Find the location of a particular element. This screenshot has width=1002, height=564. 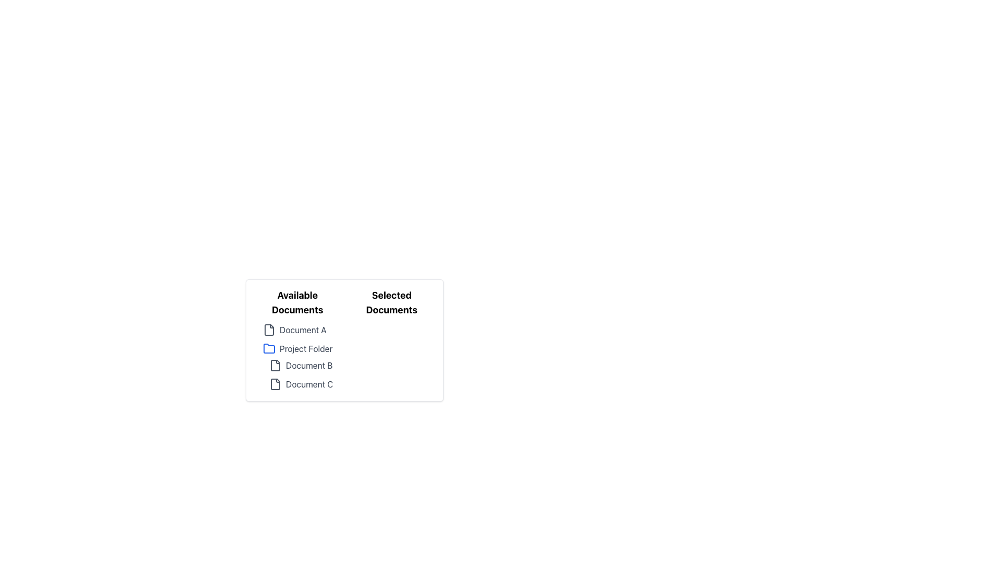

the first entry in the list of available documents, which displays 'Document A' with a file icon is located at coordinates (297, 330).